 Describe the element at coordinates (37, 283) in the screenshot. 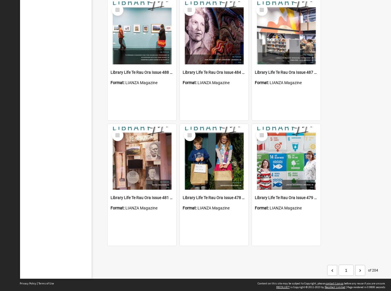

I see `'|'` at that location.